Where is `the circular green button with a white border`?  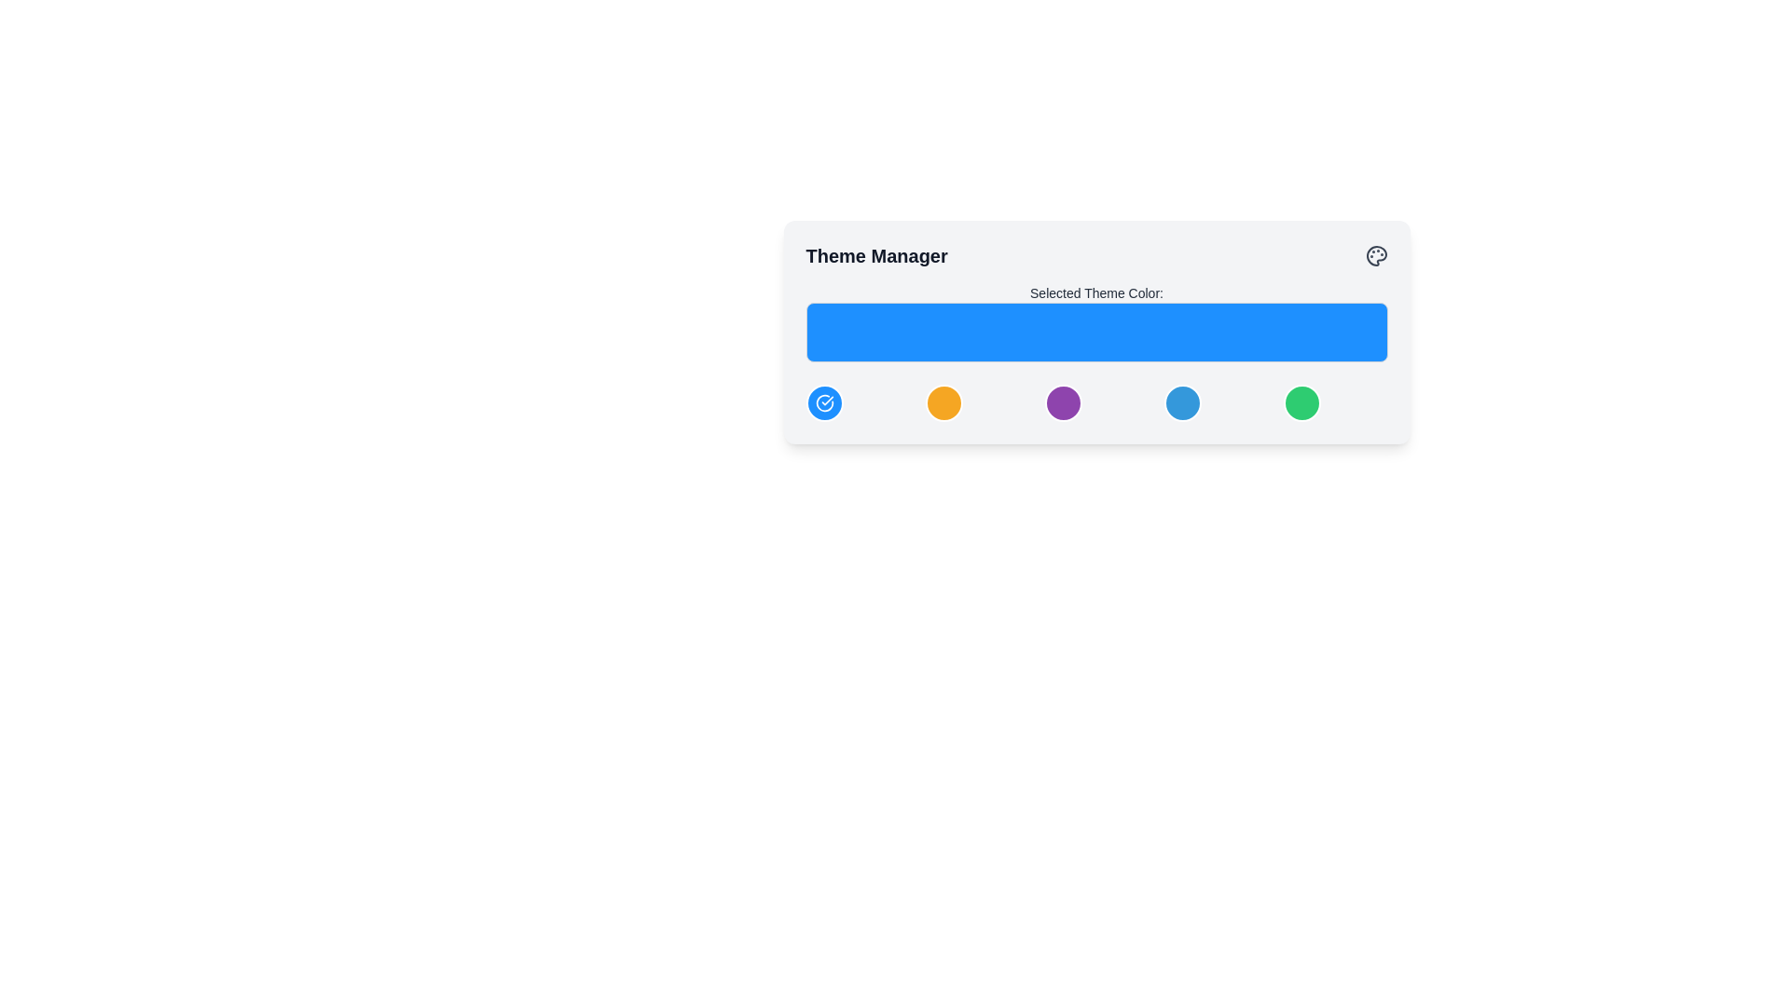 the circular green button with a white border is located at coordinates (1301, 401).